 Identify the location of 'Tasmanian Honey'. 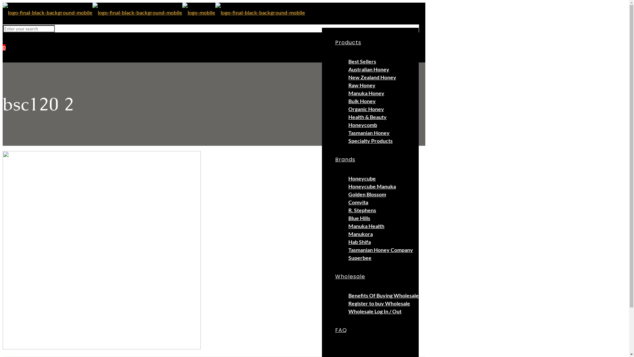
(348, 133).